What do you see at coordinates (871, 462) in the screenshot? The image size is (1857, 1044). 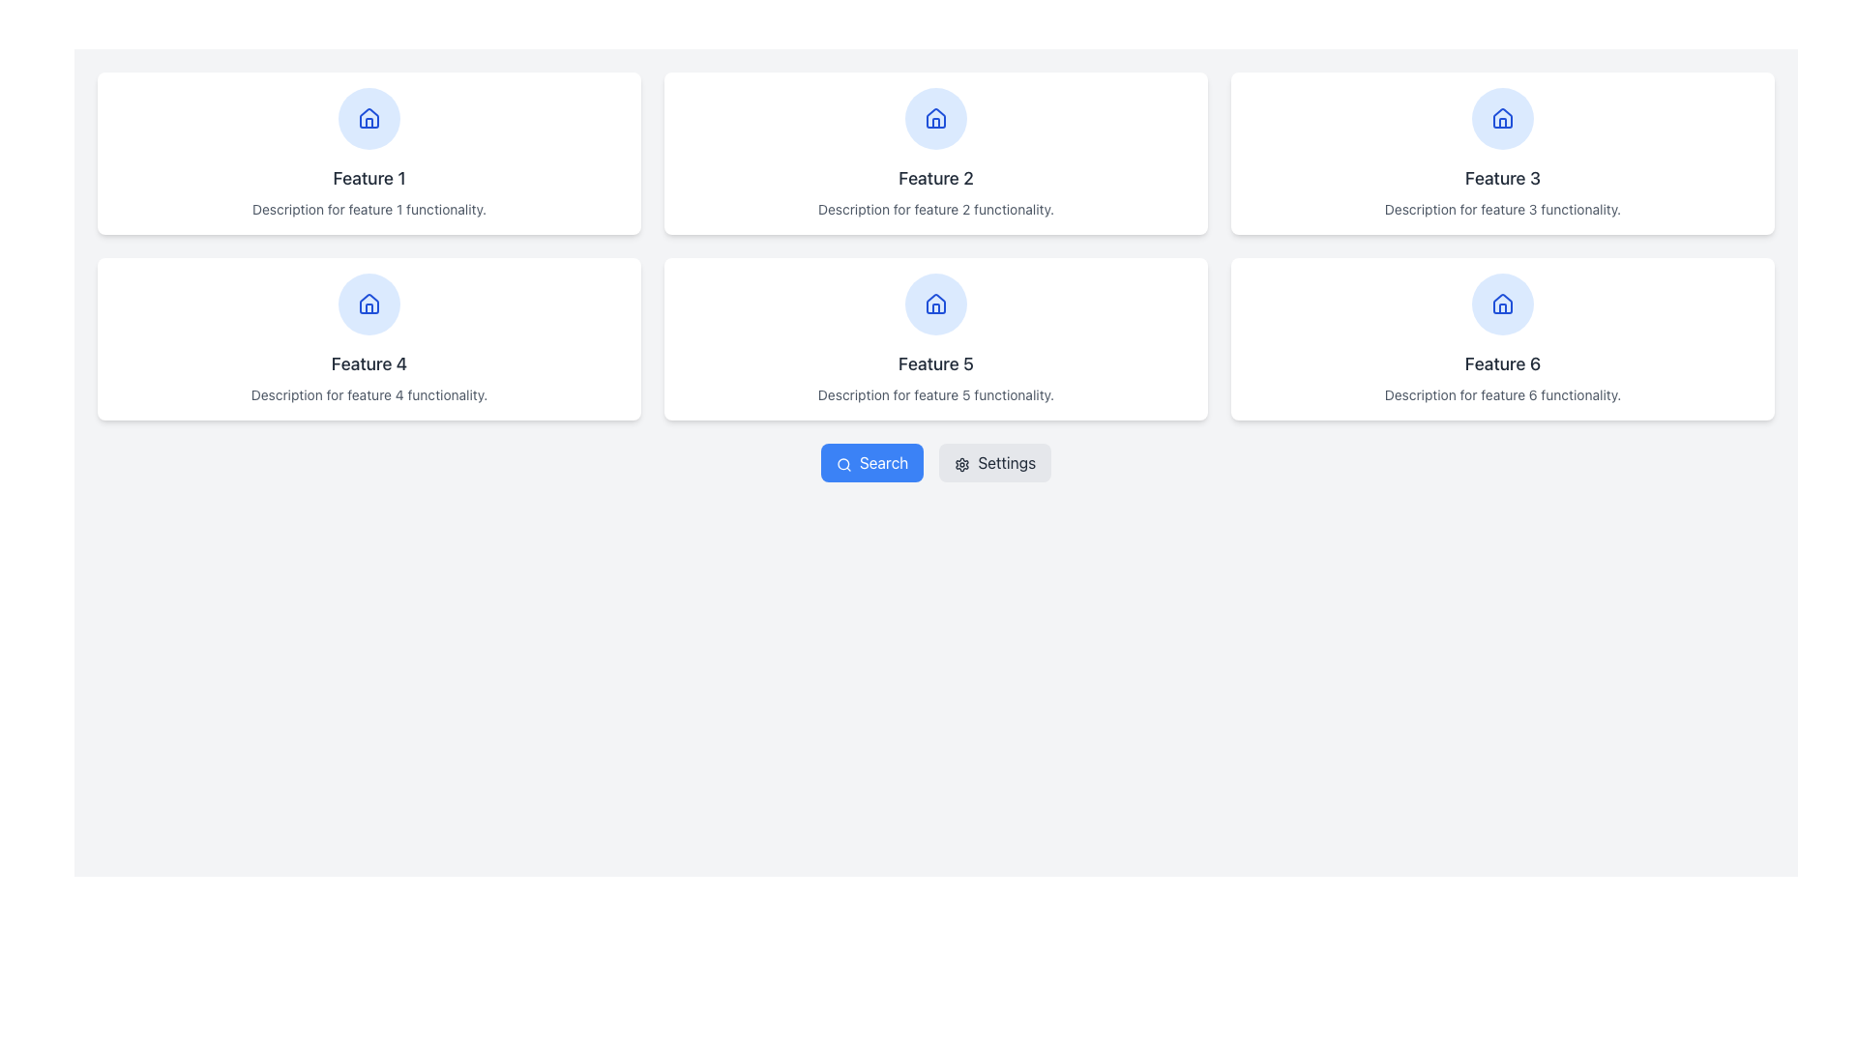 I see `the blue rectangular 'Search' button with rounded corners, which is located centrally below a grid of feature cards` at bounding box center [871, 462].